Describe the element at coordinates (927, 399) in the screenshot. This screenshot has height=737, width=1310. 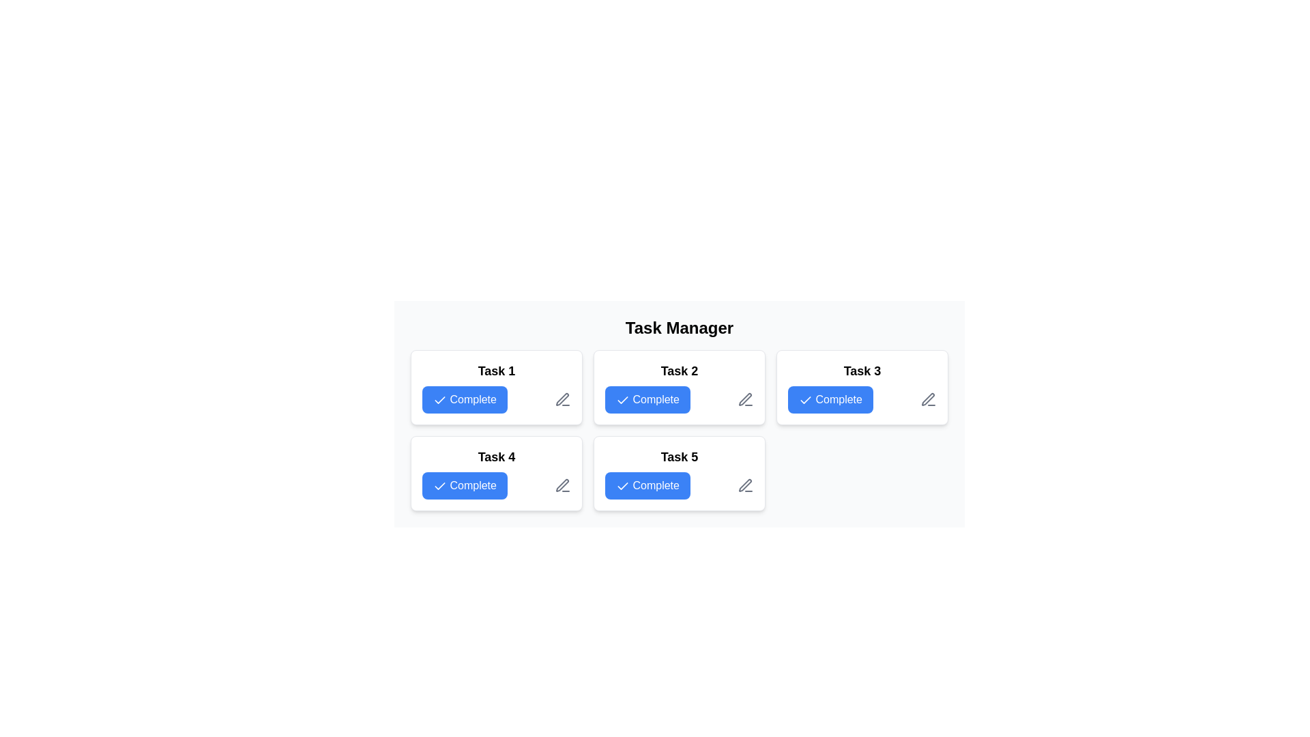
I see `the pen-shaped icon located at the bottom-right corner of the 'Task 3' card` at that location.